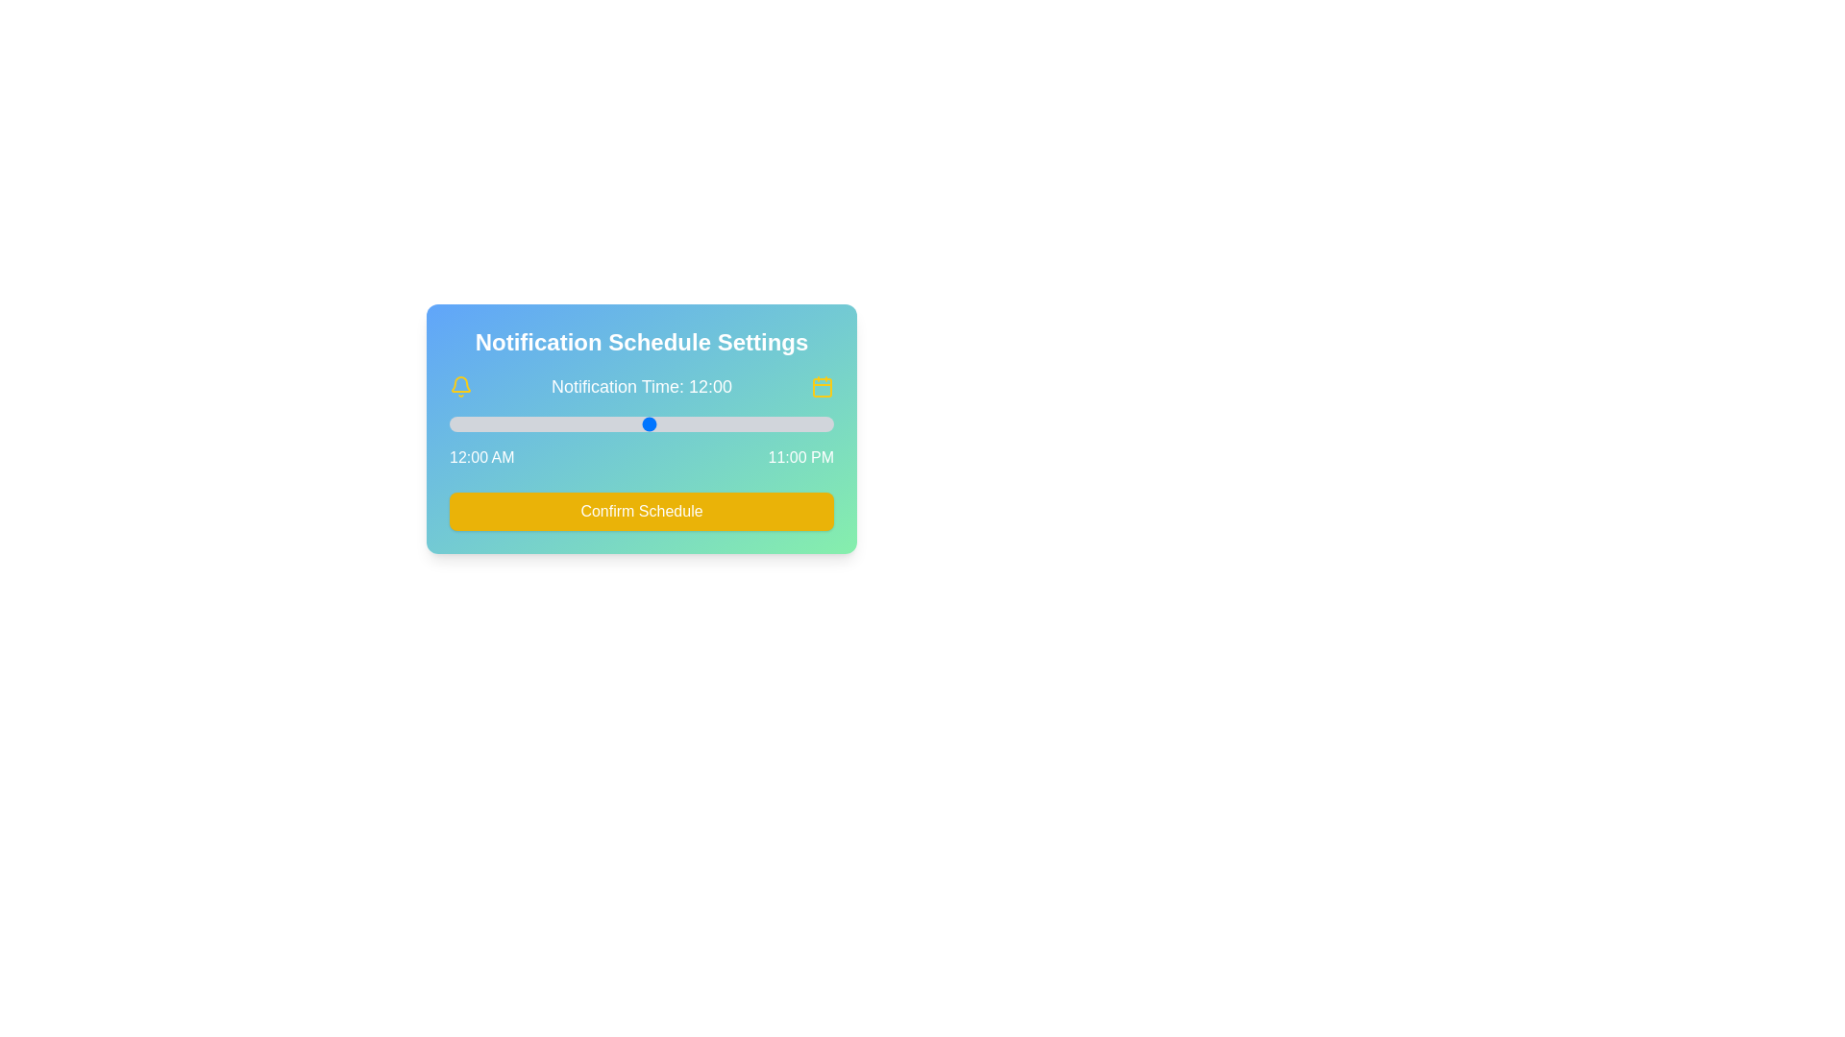 The width and height of the screenshot is (1845, 1037). What do you see at coordinates (822, 386) in the screenshot?
I see `the calendar icon to interact with it` at bounding box center [822, 386].